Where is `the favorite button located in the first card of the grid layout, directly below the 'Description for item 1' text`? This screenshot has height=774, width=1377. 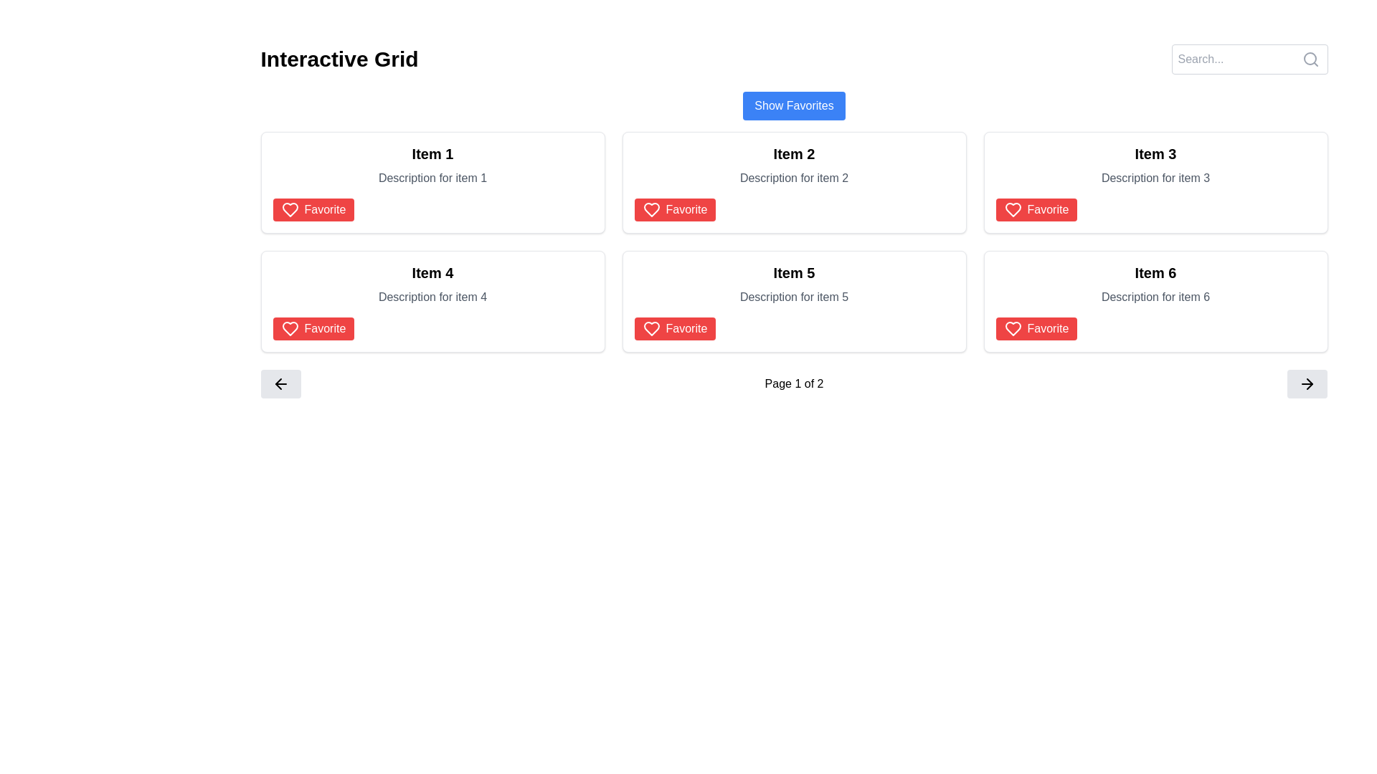 the favorite button located in the first card of the grid layout, directly below the 'Description for item 1' text is located at coordinates (313, 210).